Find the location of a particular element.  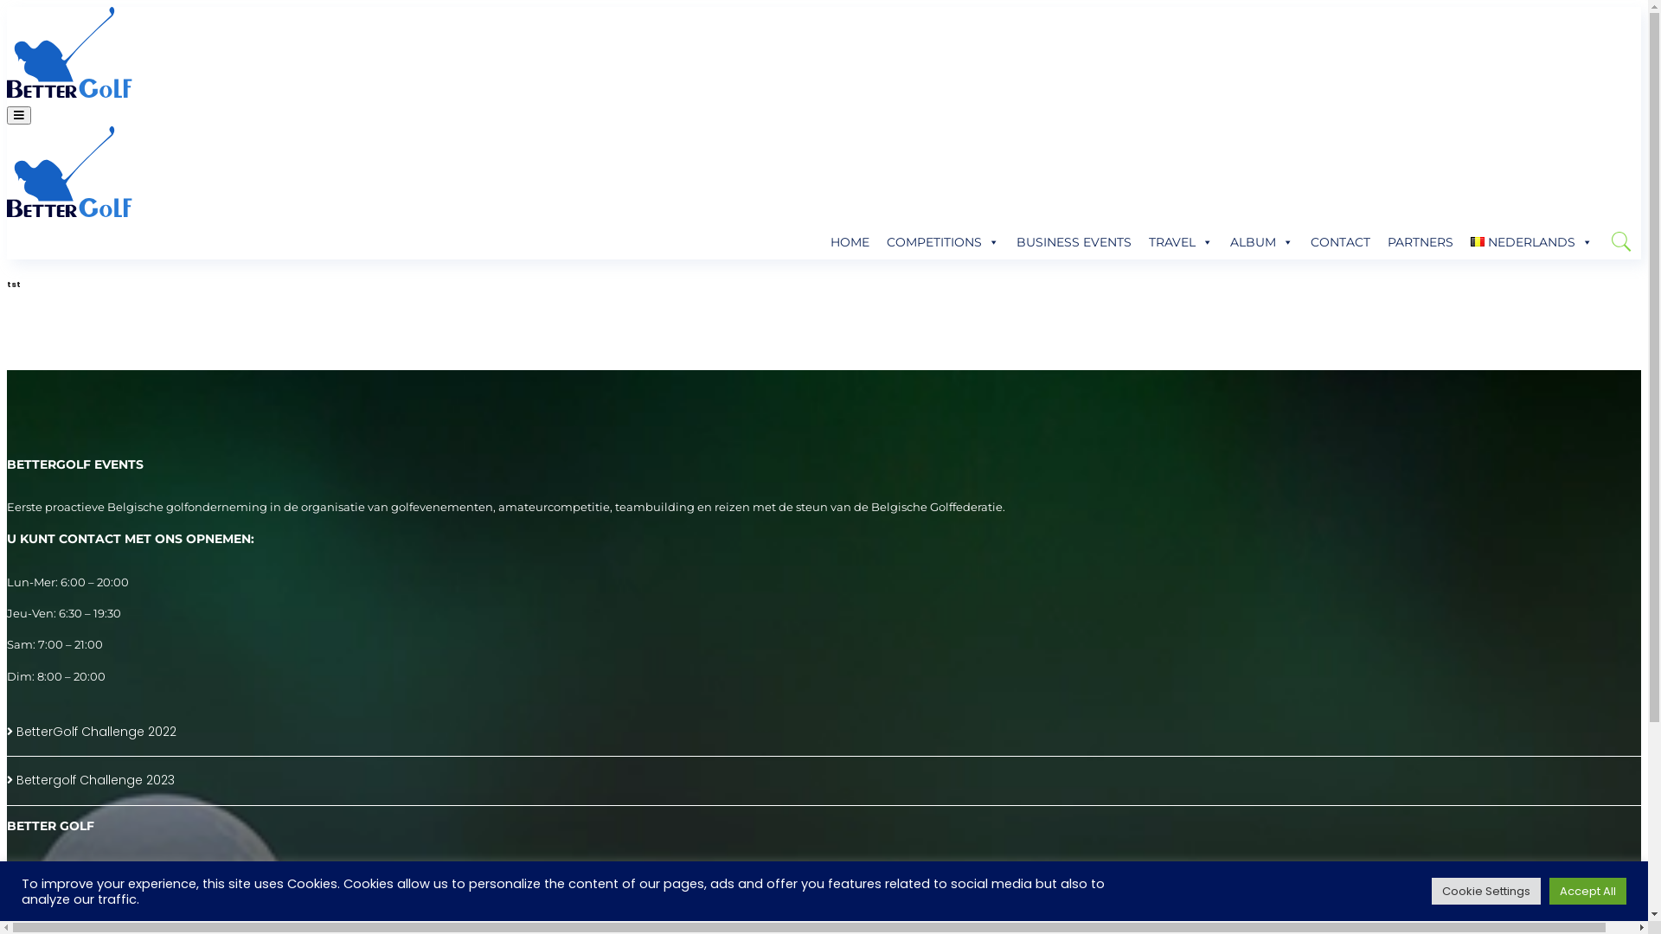

'TRAVEL' is located at coordinates (1179, 242).